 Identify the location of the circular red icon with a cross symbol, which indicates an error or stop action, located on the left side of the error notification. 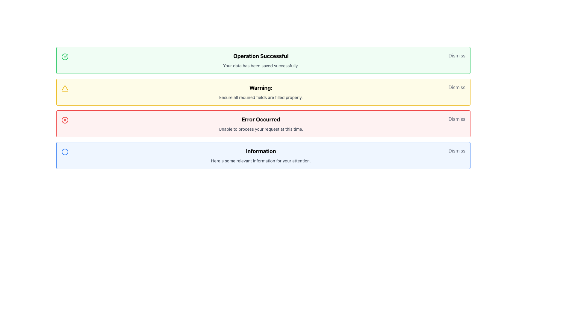
(65, 120).